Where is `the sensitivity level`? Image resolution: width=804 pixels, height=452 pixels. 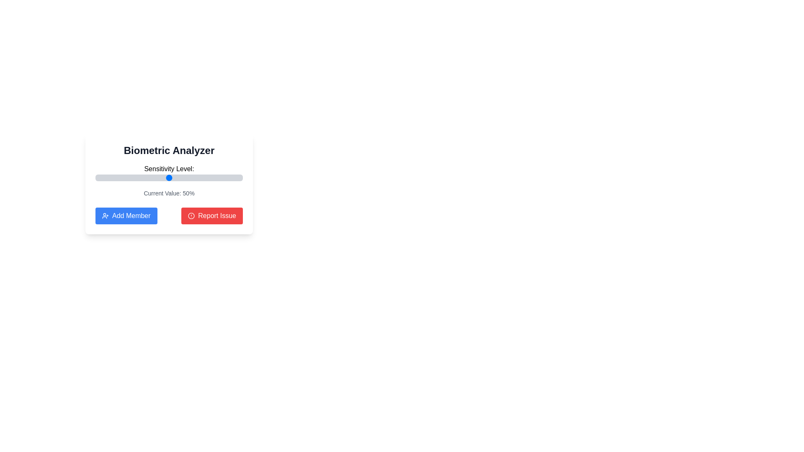 the sensitivity level is located at coordinates (148, 177).